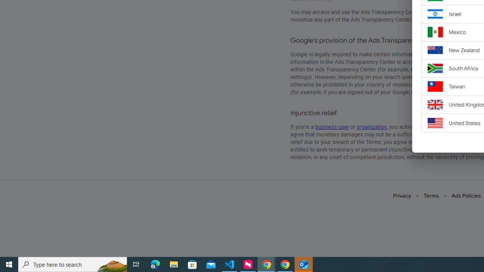  I want to click on 'Ads Policies', so click(466, 195).